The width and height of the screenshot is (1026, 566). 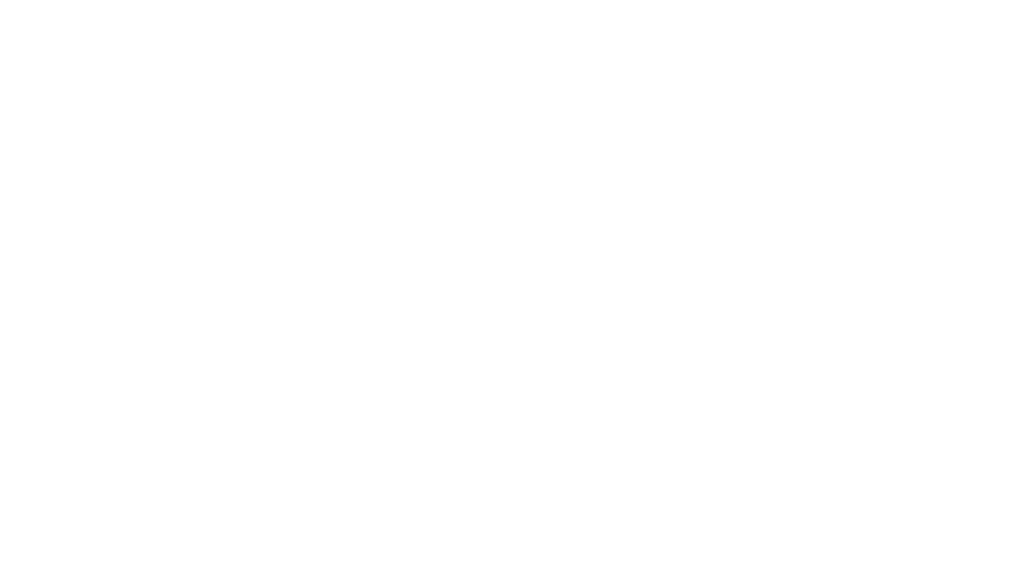 I want to click on 'Fair Trade Tea', so click(x=551, y=473).